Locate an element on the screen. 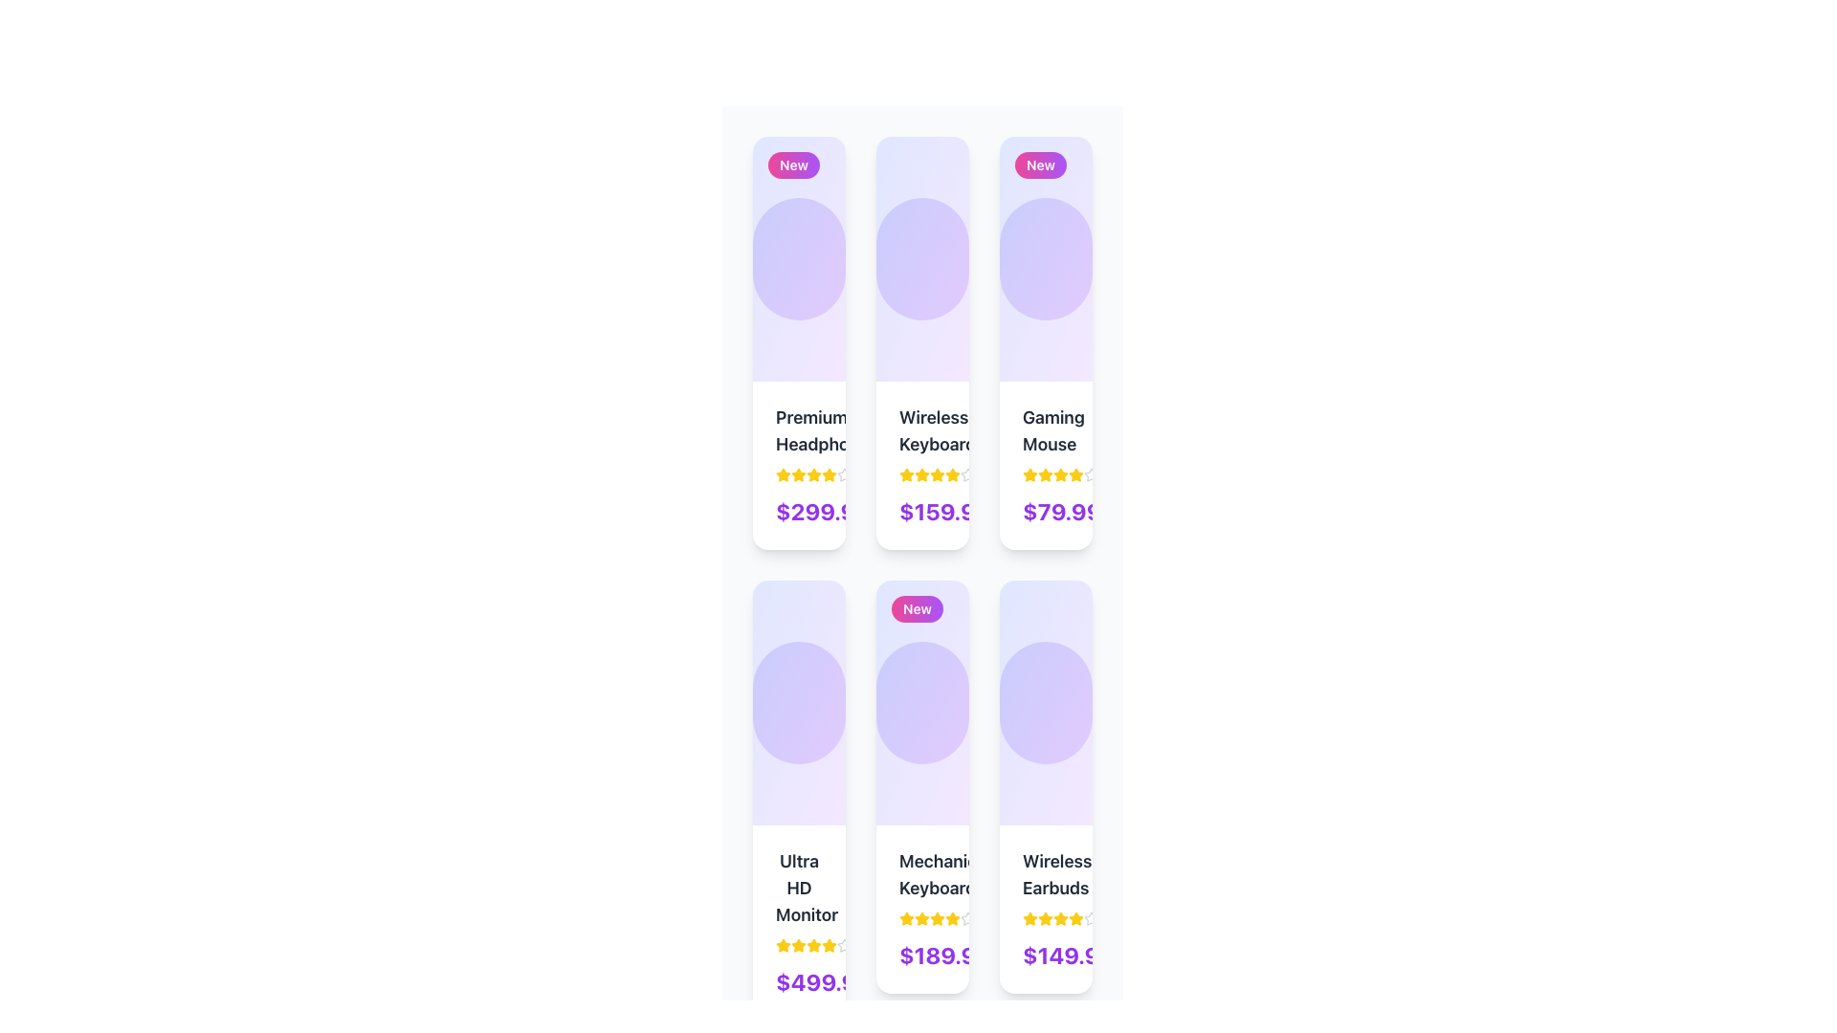 The height and width of the screenshot is (1033, 1837). the sixth star icon representing the rating point for the 'Mechanical Keyboard' product card, located in the bottom row, center column of the displayed product grid is located at coordinates (953, 917).